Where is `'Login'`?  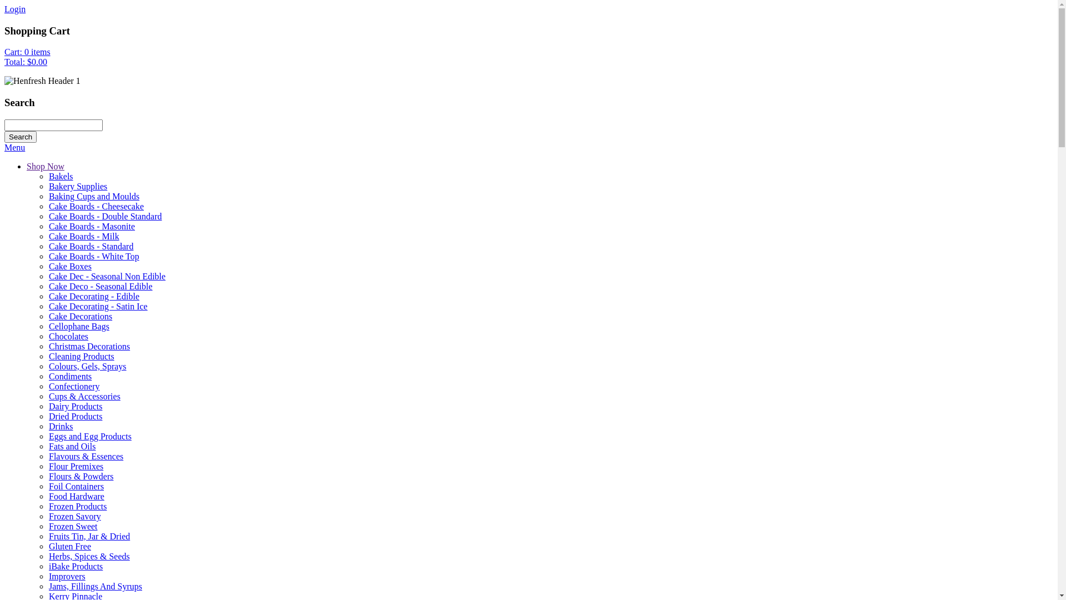
'Login' is located at coordinates (15, 9).